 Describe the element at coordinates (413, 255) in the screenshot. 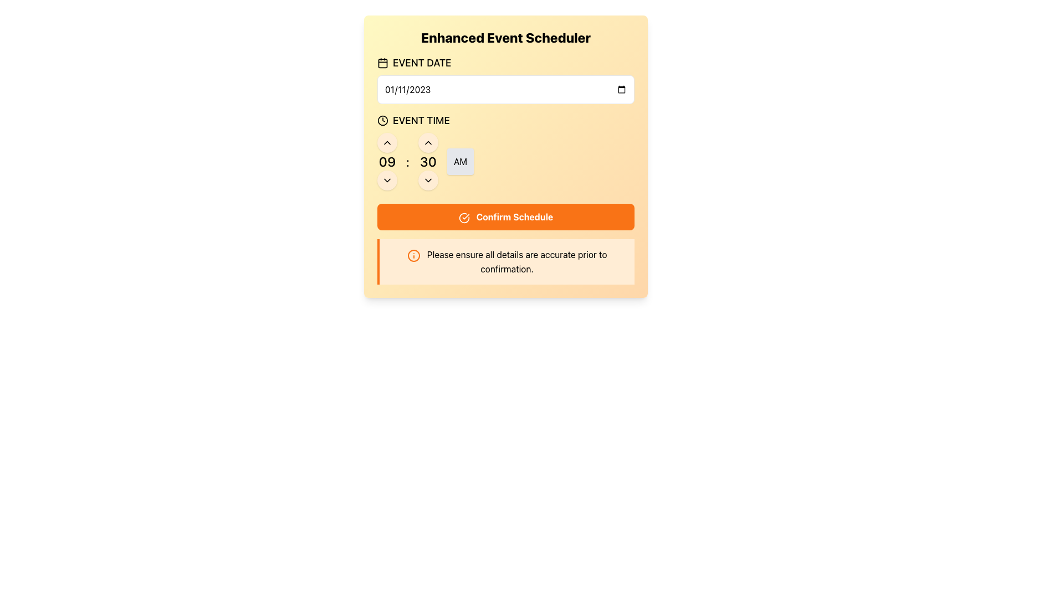

I see `the warning icon located at the bottom of the form, on the left side of the warning box` at that location.